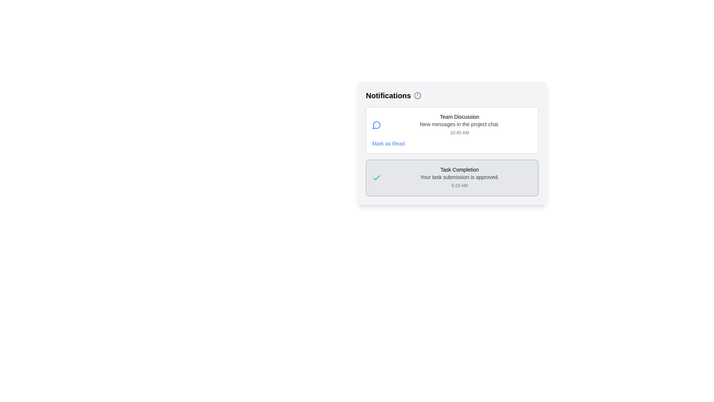  Describe the element at coordinates (459, 124) in the screenshot. I see `the static text that reads 'New messages in the project chat.', which is styled in a smaller font size and subdued gray color, located beneath the title 'Team Discussion'` at that location.